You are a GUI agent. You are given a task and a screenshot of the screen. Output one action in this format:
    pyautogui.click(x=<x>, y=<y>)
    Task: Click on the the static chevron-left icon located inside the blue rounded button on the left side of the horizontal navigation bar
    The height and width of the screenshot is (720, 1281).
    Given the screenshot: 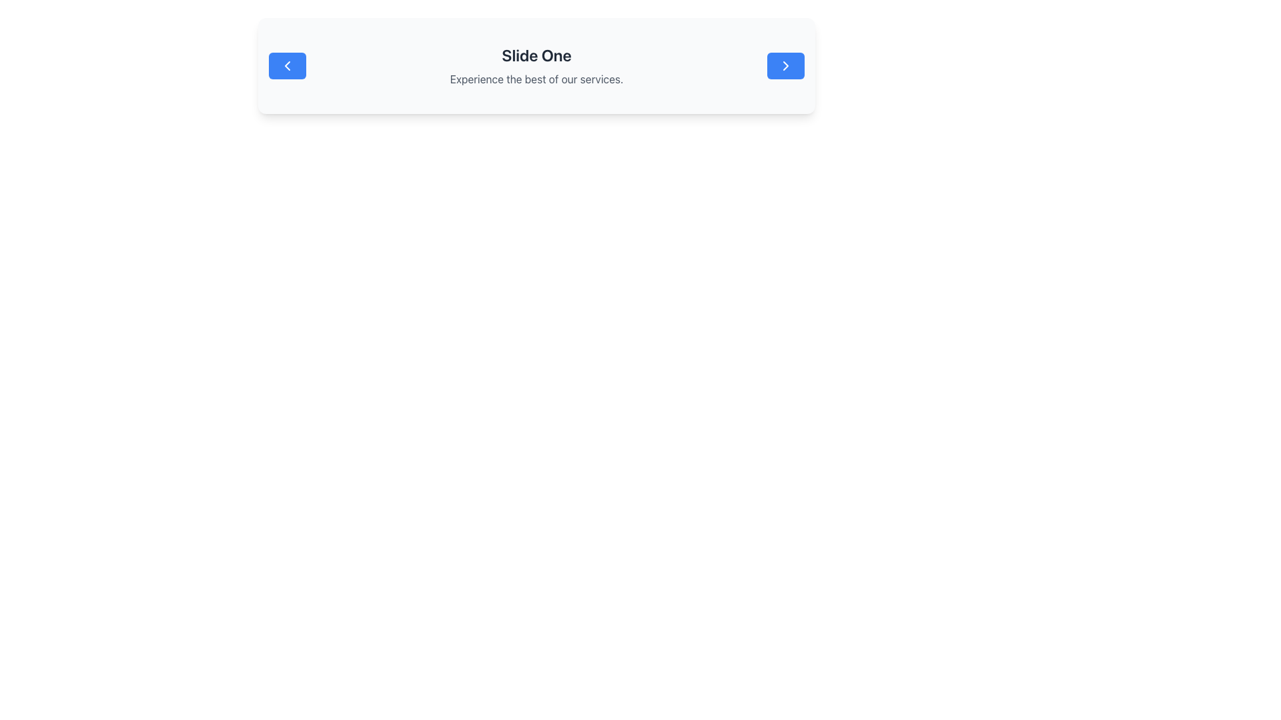 What is the action you would take?
    pyautogui.click(x=287, y=66)
    